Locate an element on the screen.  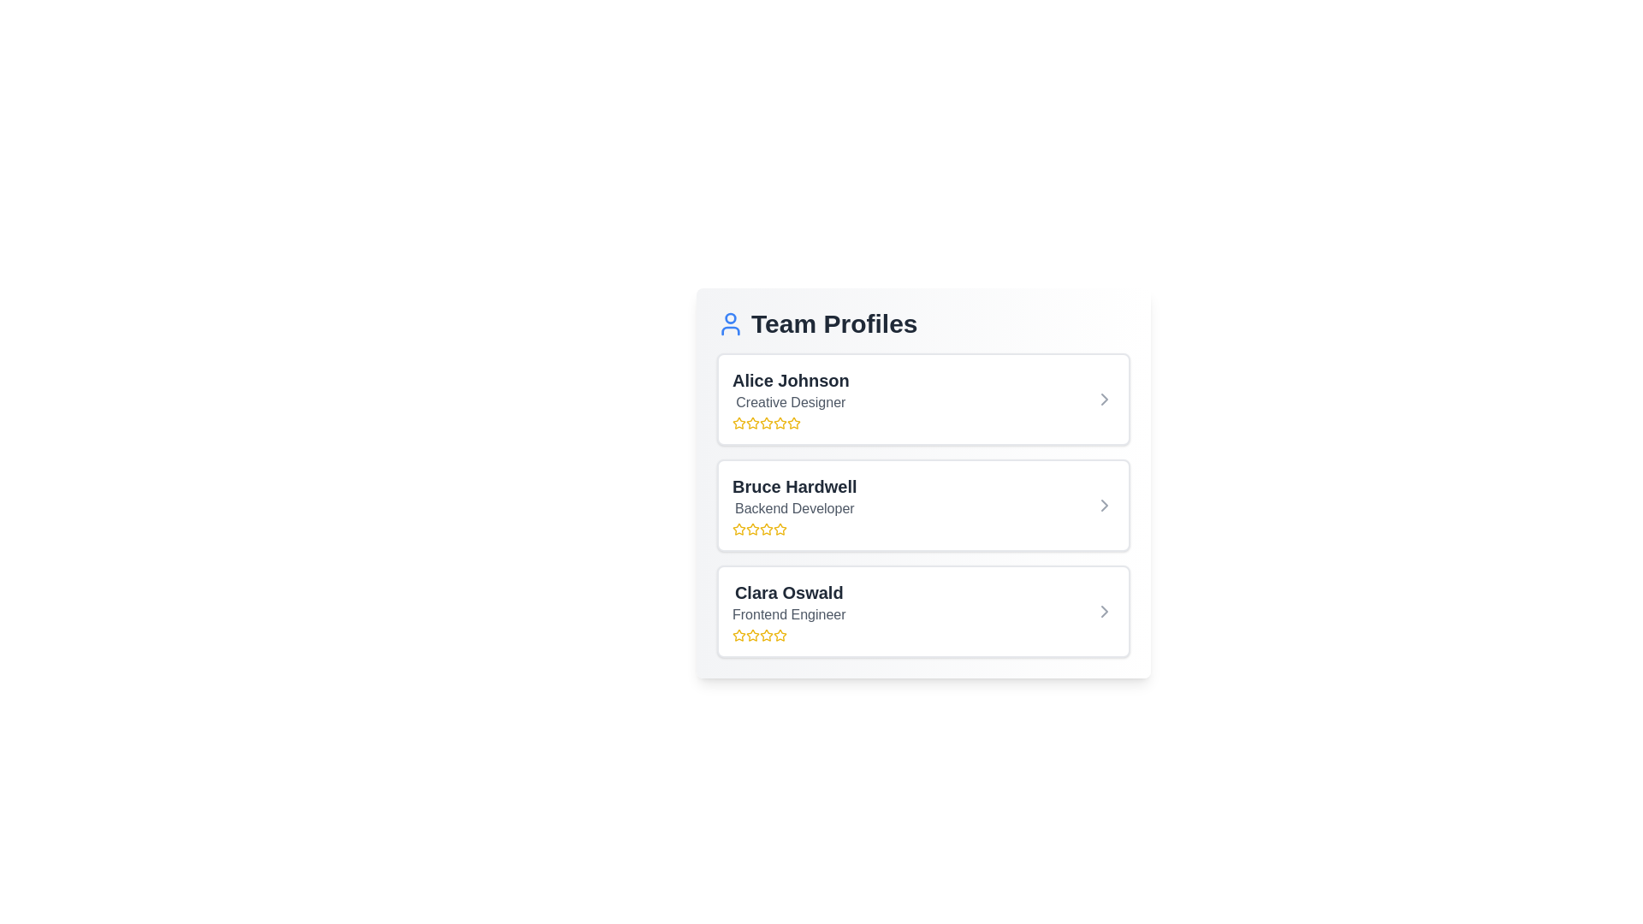
the rating to 3 stars by clicking on the corresponding star is located at coordinates (766, 423).